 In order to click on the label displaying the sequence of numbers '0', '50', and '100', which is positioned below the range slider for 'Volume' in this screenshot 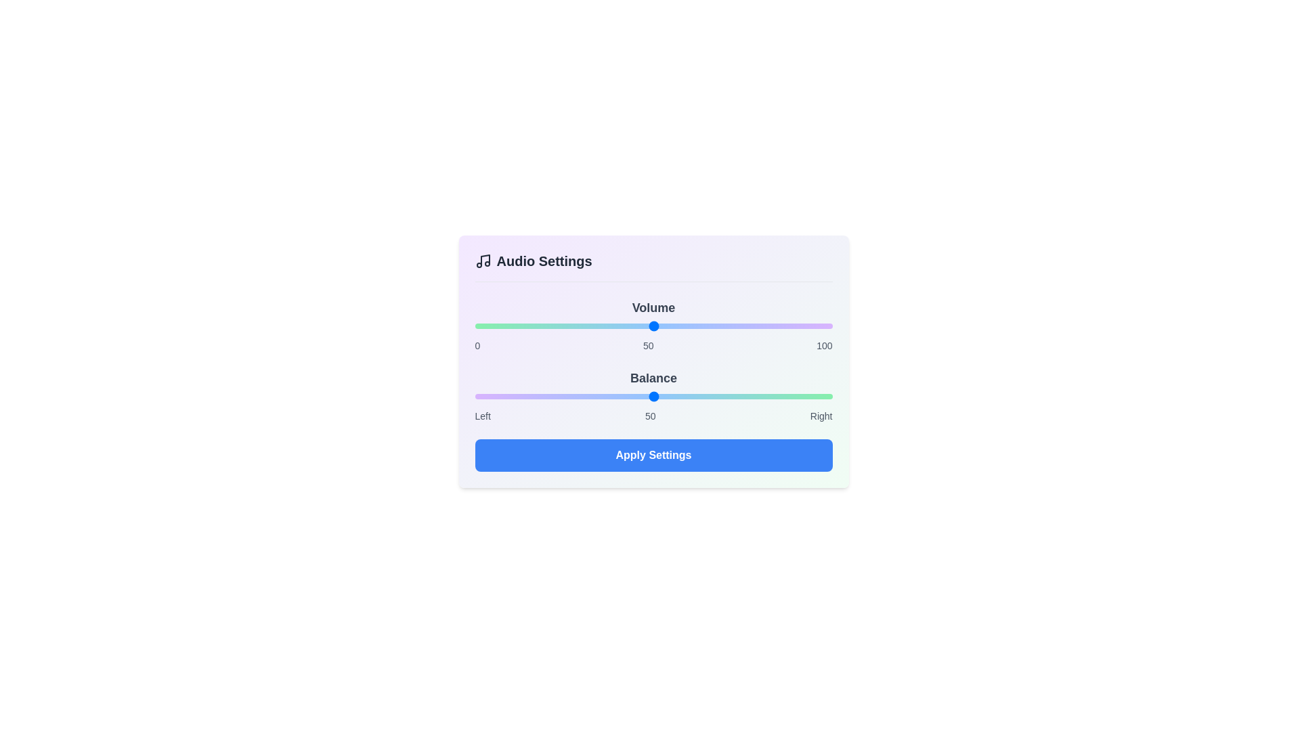, I will do `click(653, 345)`.